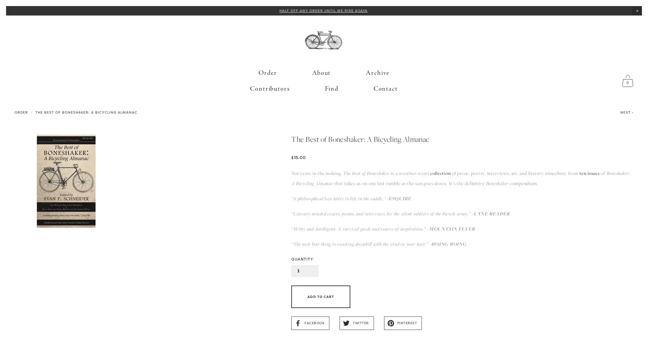 The height and width of the screenshot is (364, 648). Describe the element at coordinates (441, 109) in the screenshot. I see `Close` at that location.